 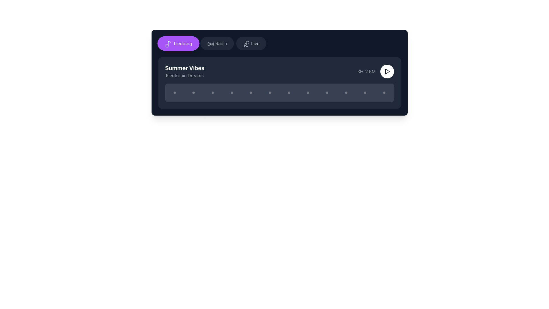 What do you see at coordinates (178, 43) in the screenshot?
I see `the 'Trending' button, which is a rounded purple button with white text and a musical note icon, located at the top-left corner of the button group` at bounding box center [178, 43].